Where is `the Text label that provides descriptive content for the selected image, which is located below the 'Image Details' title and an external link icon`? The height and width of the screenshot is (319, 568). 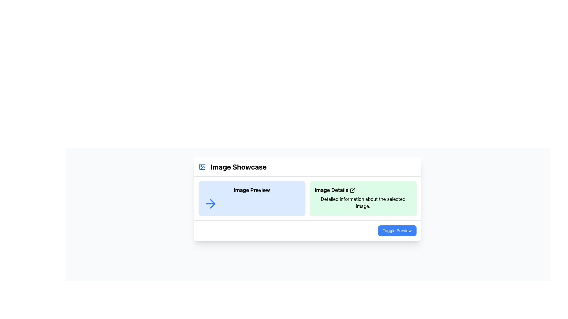
the Text label that provides descriptive content for the selected image, which is located below the 'Image Details' title and an external link icon is located at coordinates (363, 202).